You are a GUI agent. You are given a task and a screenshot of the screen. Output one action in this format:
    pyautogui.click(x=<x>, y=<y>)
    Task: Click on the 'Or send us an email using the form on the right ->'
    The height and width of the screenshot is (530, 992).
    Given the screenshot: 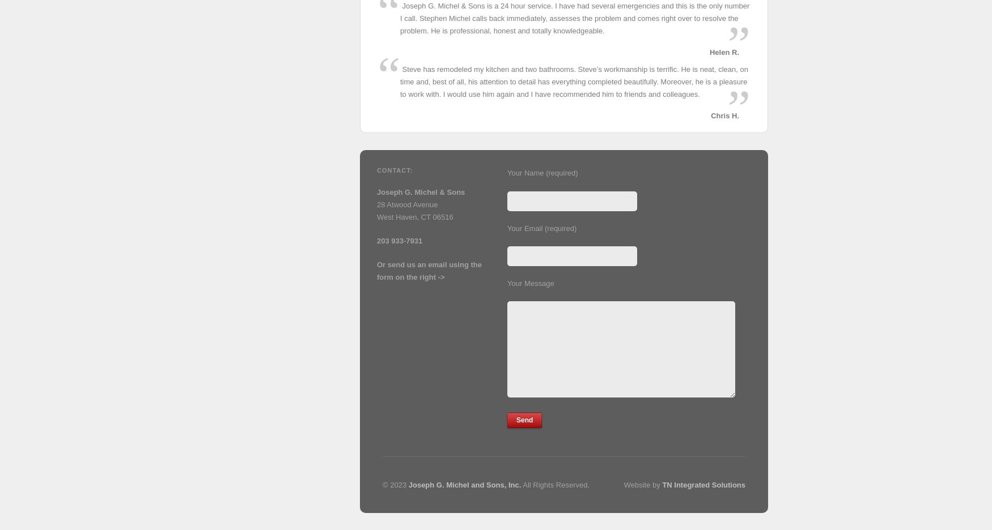 What is the action you would take?
    pyautogui.click(x=376, y=270)
    